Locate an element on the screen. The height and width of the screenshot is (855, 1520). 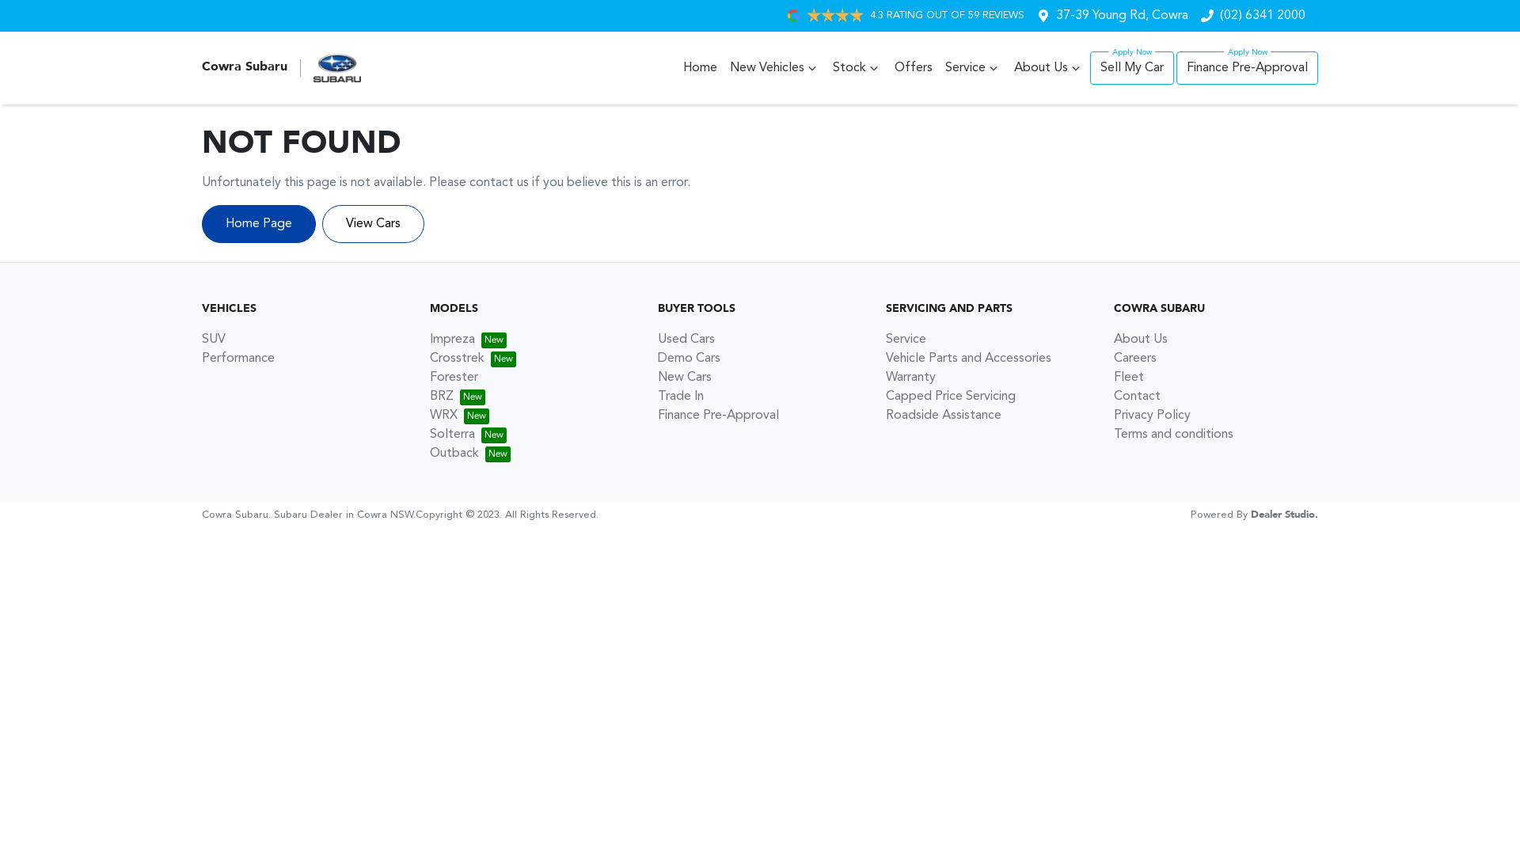
'Careers' is located at coordinates (1134, 358).